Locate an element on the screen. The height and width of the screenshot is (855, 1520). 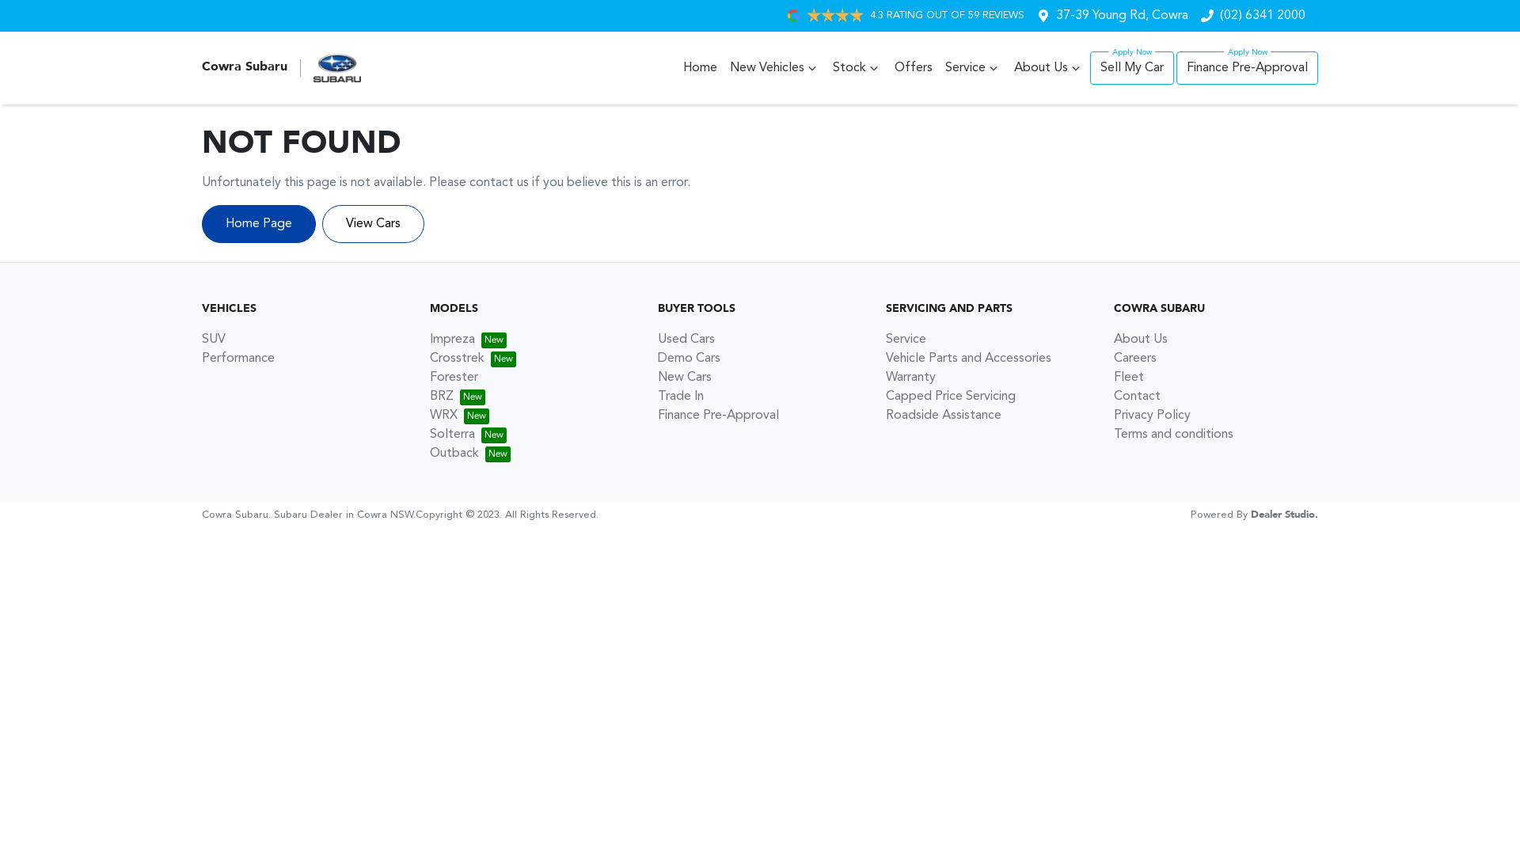
'Careers' is located at coordinates (1134, 358).